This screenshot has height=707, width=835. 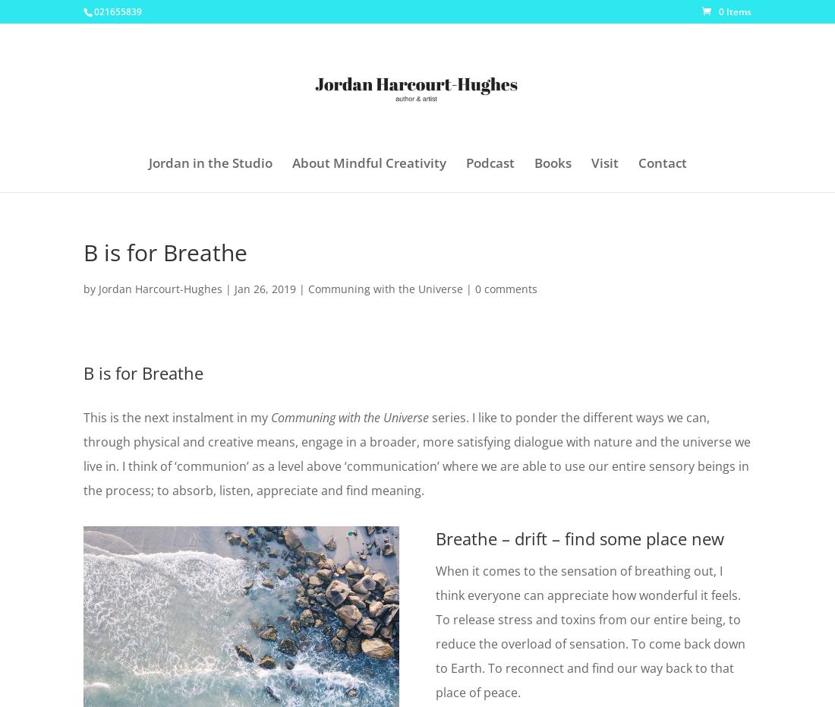 I want to click on 'series. I like to ponder the different ways we can, through physical and creative means, engage in a broader, more satisfying dialogue with nature and the universe we live in. I think of ‘communion’ as a level above ‘communication’ where we are able to use our entire sensory beings in the process; to absorb, listen, appreciate and find meaning.', so click(x=417, y=453).